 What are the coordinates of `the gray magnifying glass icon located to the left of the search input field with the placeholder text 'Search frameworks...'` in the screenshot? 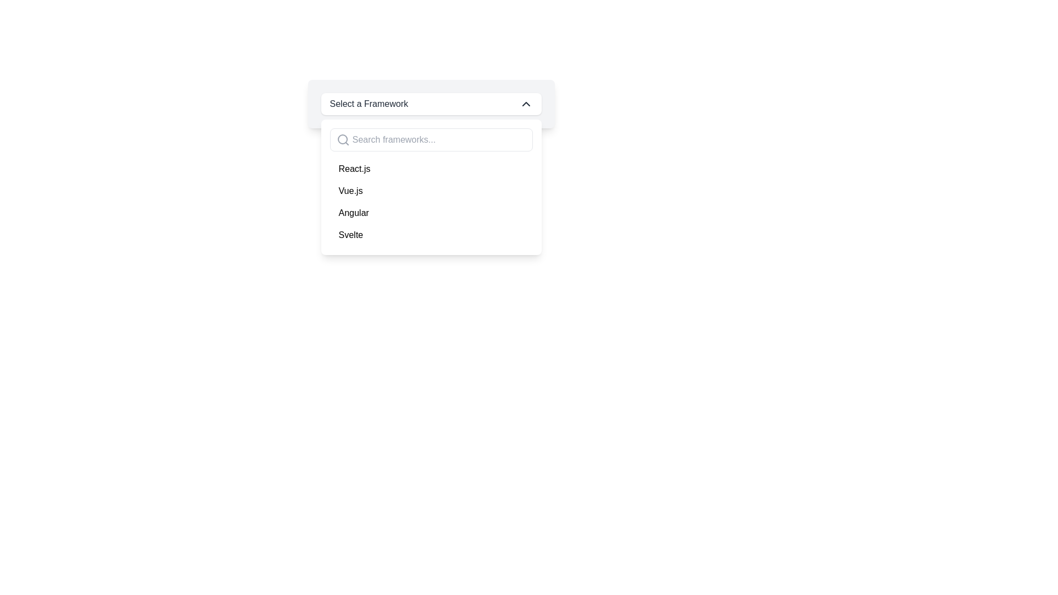 It's located at (342, 139).